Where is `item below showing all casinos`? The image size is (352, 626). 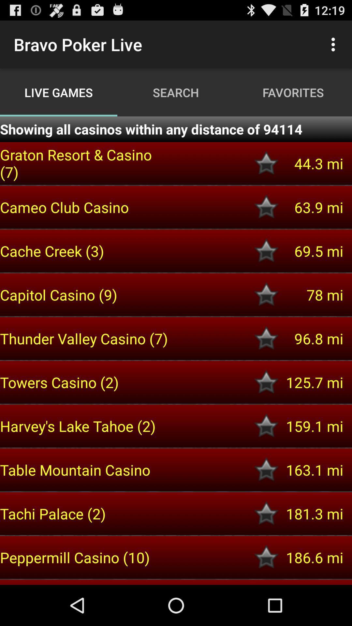 item below showing all casinos is located at coordinates (85, 163).